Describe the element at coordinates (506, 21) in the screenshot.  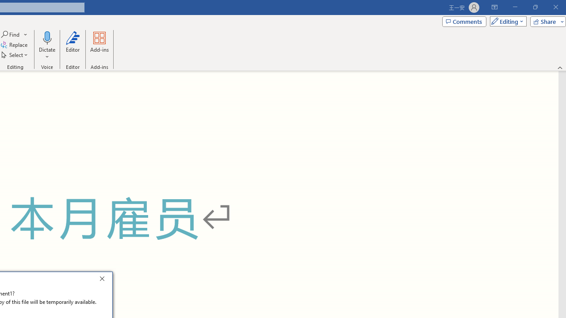
I see `'Editing'` at that location.